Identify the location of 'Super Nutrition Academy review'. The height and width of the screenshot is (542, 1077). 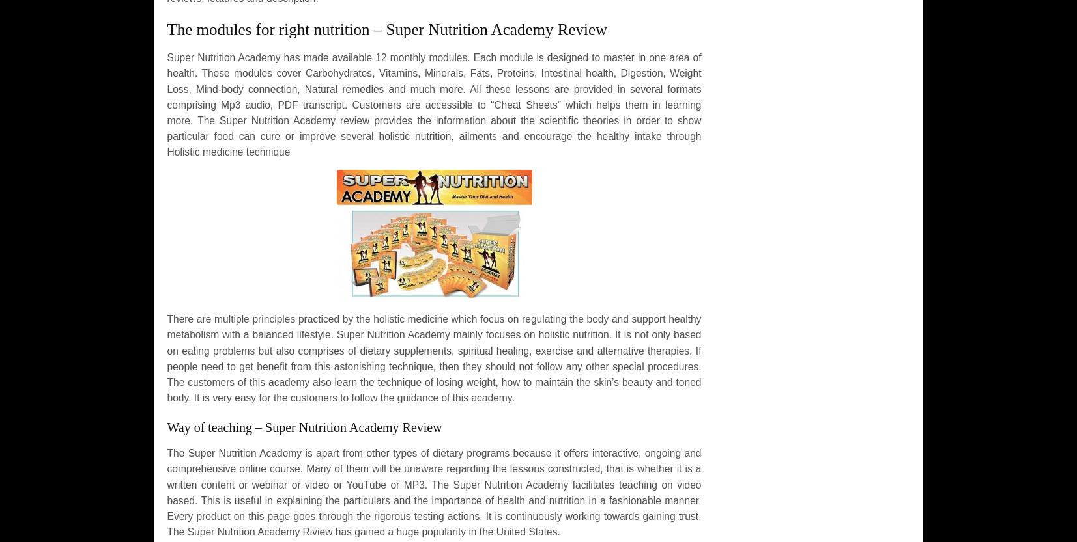
(293, 119).